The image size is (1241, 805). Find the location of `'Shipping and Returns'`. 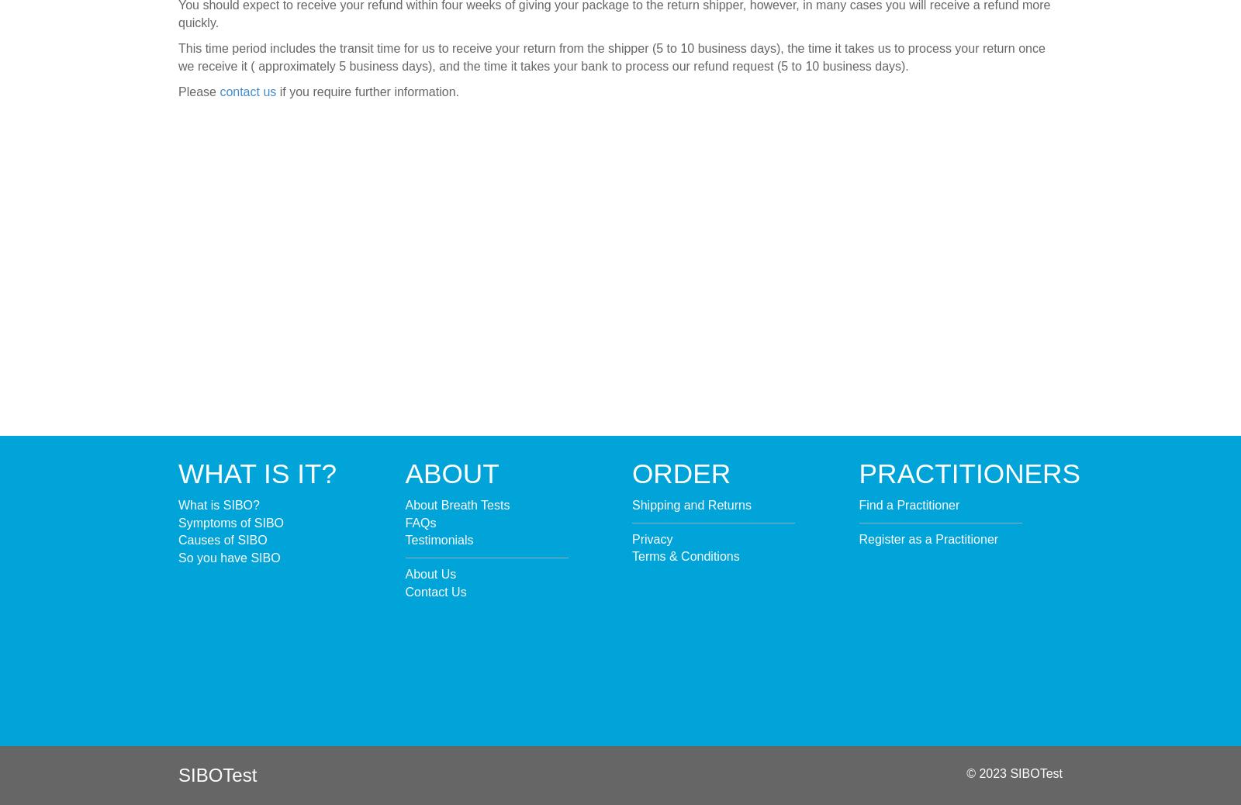

'Shipping and Returns' is located at coordinates (690, 503).